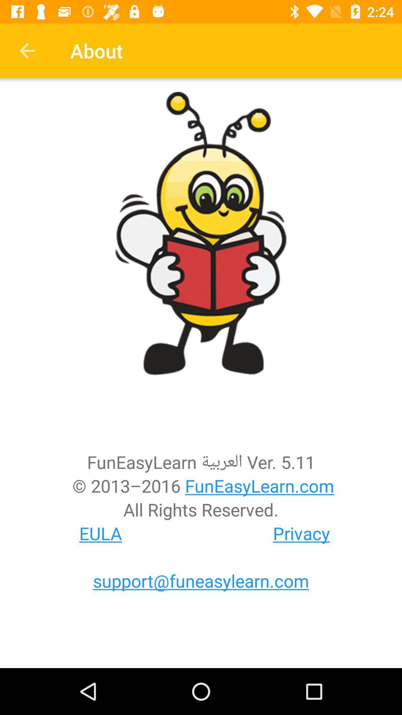  Describe the element at coordinates (201, 486) in the screenshot. I see `icon above the all rights reserved.` at that location.